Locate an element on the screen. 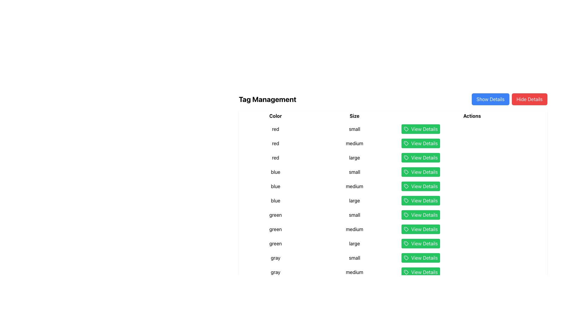  the text component displaying the word 'blue' in lowercase, located in the fourth row of the 'Color' column within a table structure is located at coordinates (275, 172).